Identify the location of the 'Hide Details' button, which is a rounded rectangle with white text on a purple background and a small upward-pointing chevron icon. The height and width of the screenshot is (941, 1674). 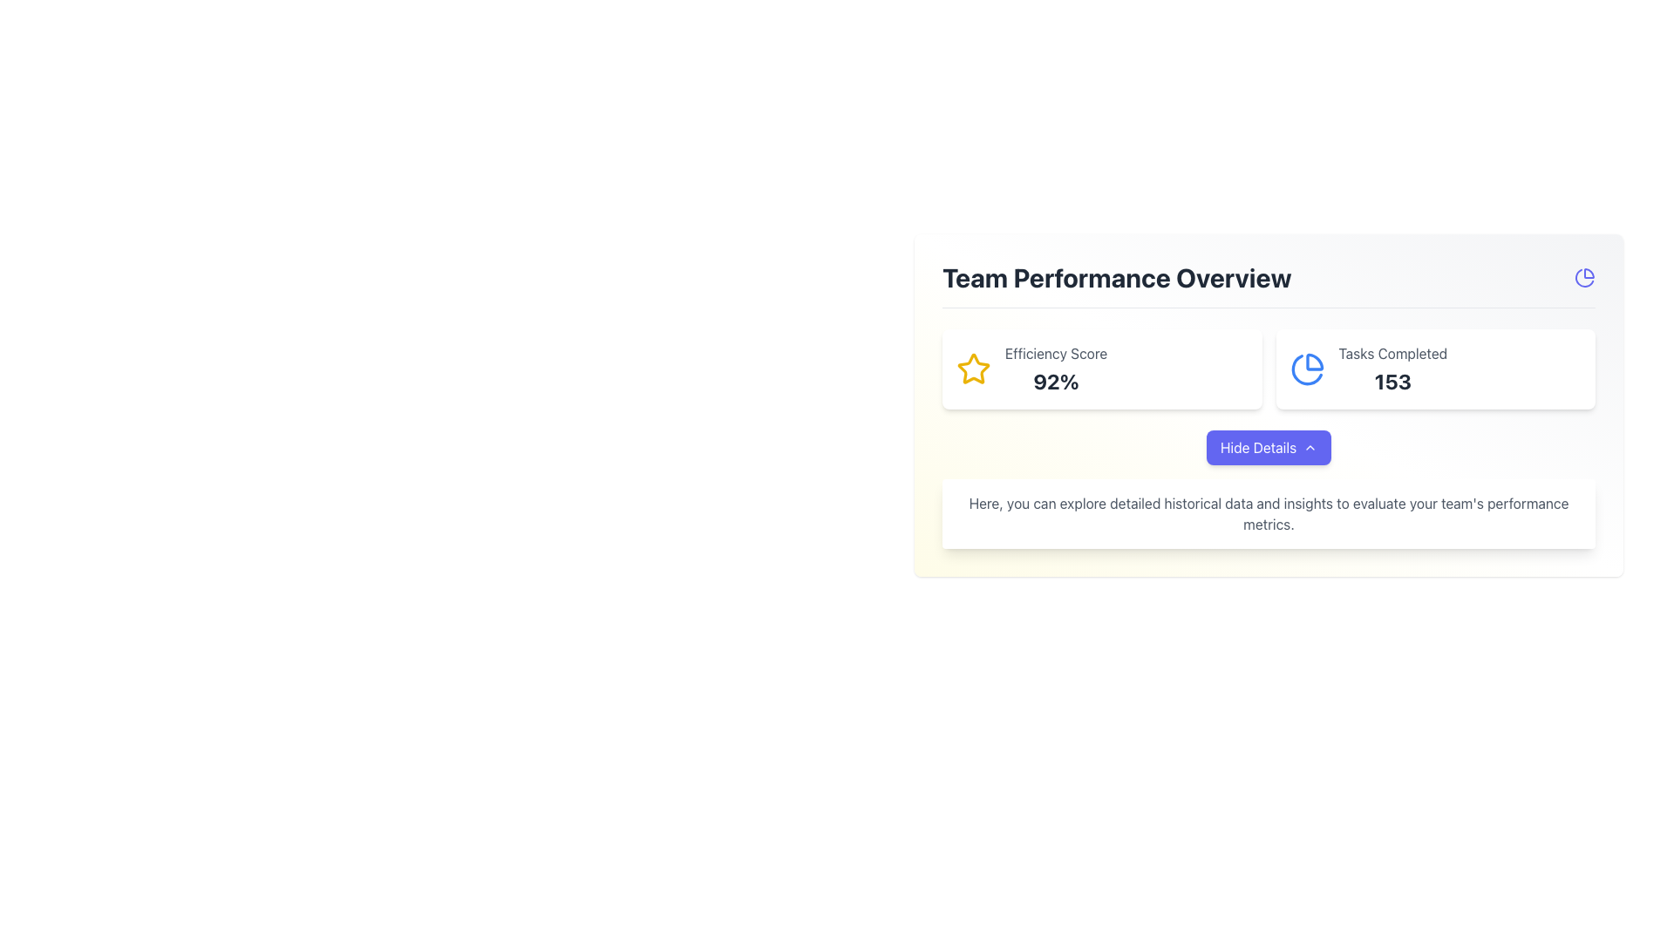
(1269, 446).